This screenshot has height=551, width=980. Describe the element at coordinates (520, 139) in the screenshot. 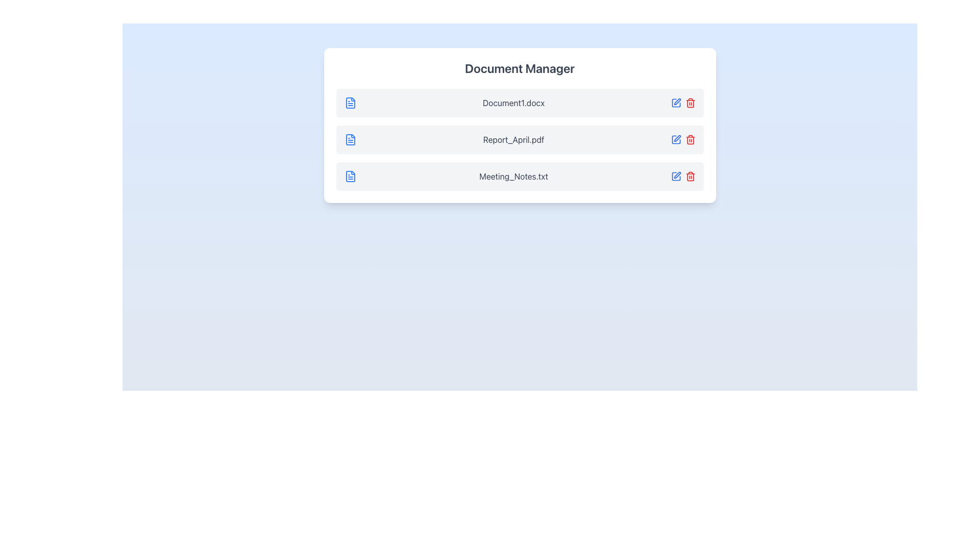

I see `the second list item in the Document Manager, which represents the file 'Report_April.pdf'` at that location.